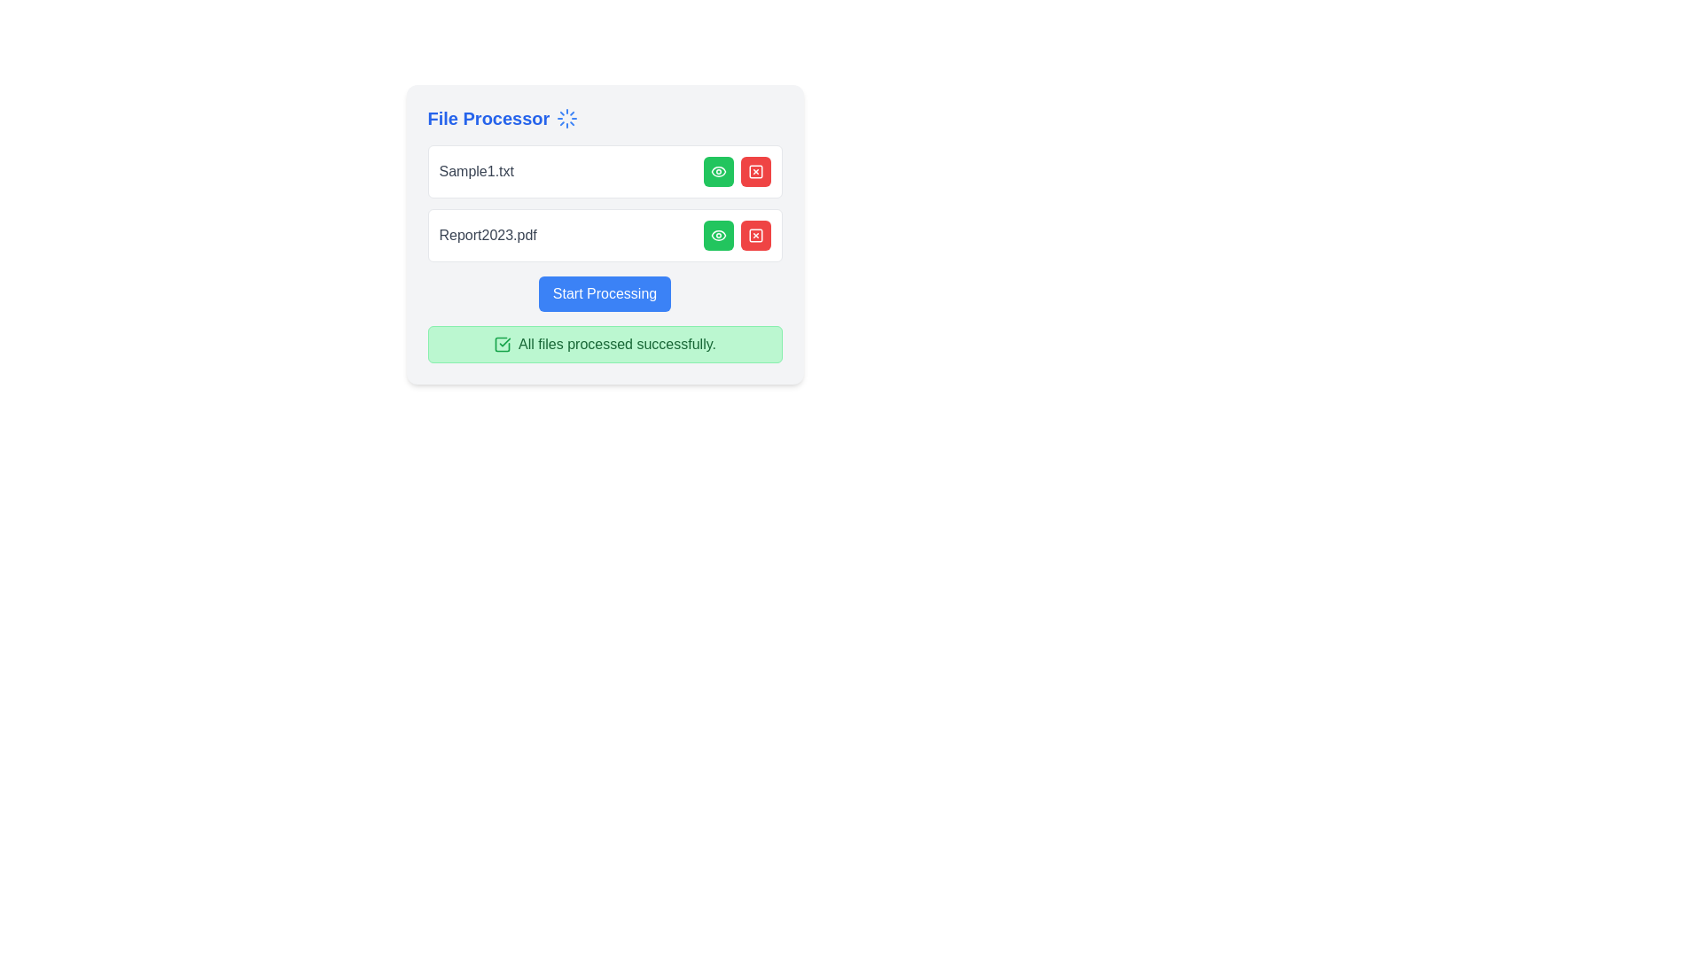 This screenshot has width=1702, height=957. I want to click on the first green button with a white eye icon located next to the red delete button in the 'File Processor' section, so click(718, 171).